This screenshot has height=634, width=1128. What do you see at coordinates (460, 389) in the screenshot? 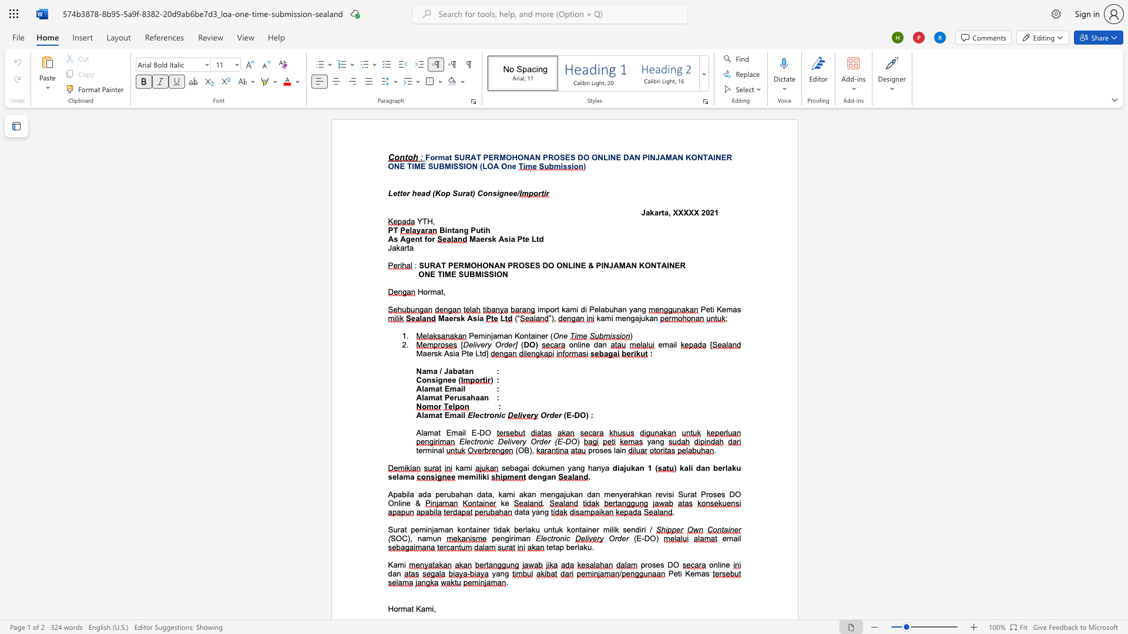
I see `the subset text "il" within the text "Alamat Email"` at bounding box center [460, 389].